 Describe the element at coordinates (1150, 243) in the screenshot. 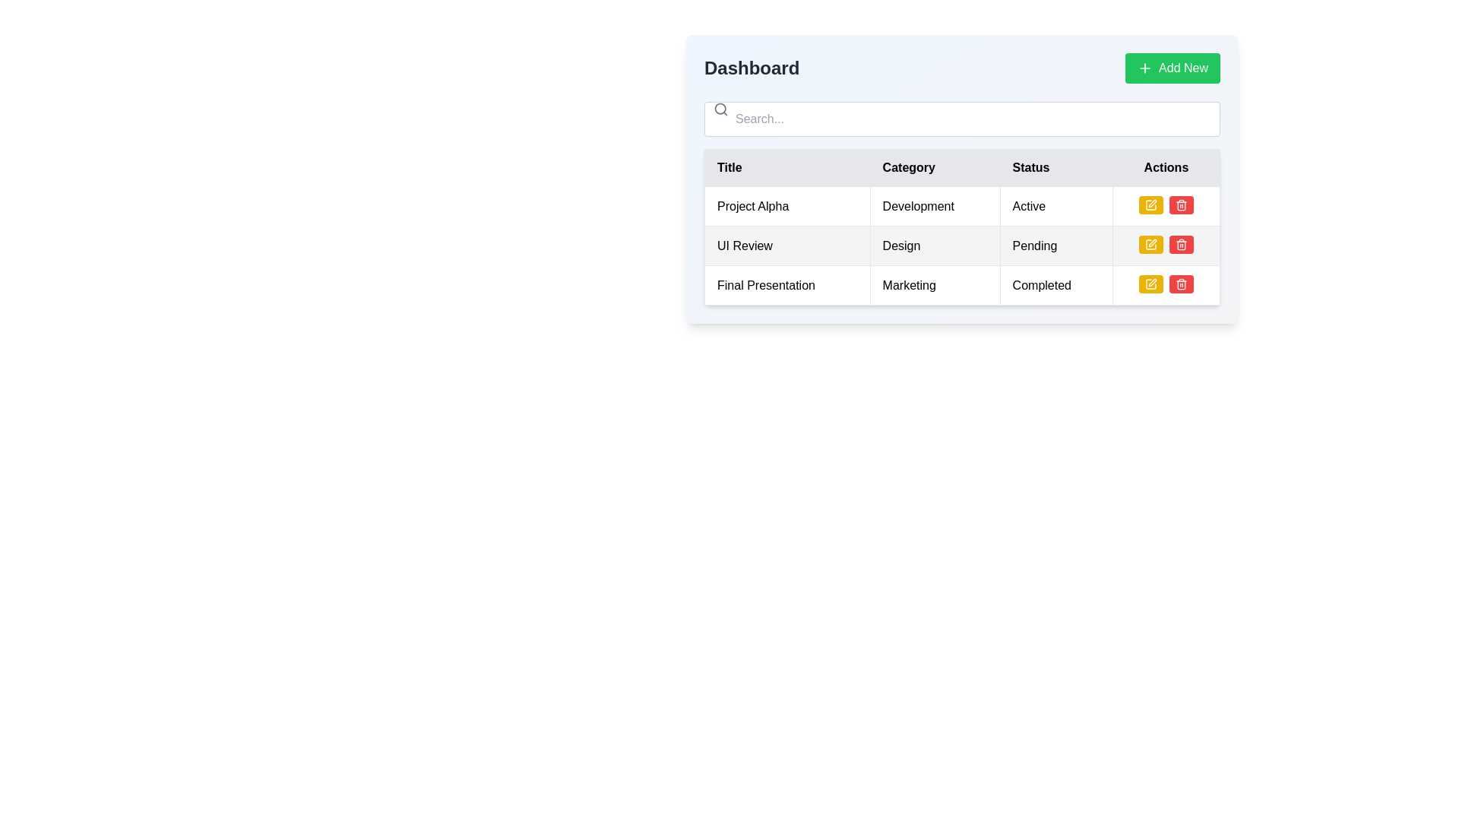

I see `the pen icon in the 'Actions' column of the third row in the table` at that location.